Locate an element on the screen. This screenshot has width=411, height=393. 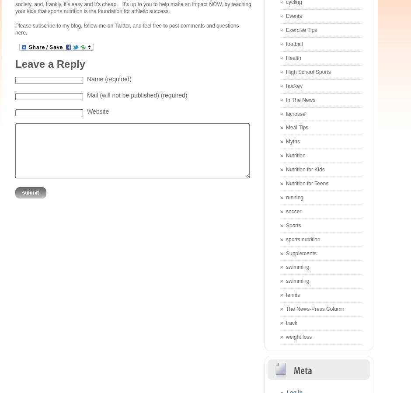
'Events' is located at coordinates (293, 16).